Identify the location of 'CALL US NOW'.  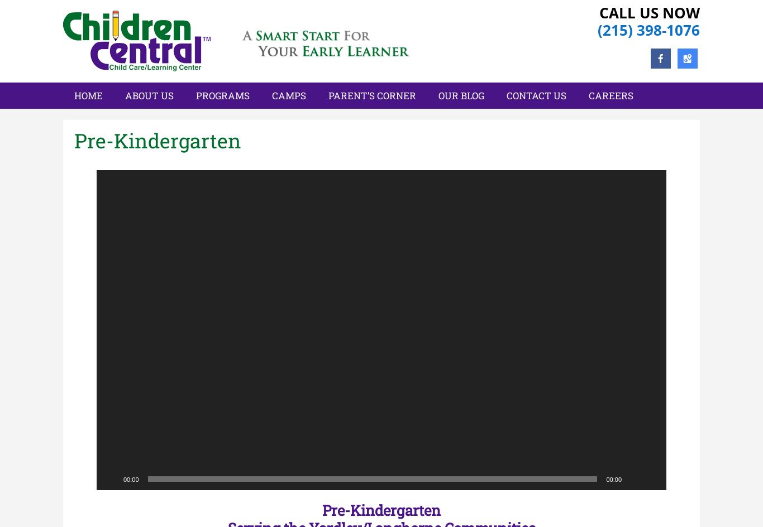
(650, 12).